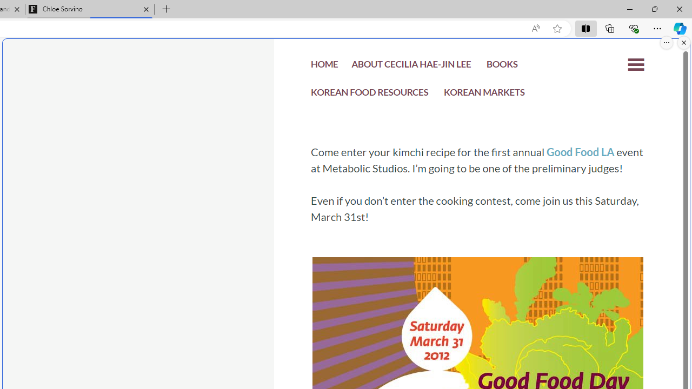  Describe the element at coordinates (410, 67) in the screenshot. I see `'ABOUT CECILIA HAE-JIN LEE'` at that location.